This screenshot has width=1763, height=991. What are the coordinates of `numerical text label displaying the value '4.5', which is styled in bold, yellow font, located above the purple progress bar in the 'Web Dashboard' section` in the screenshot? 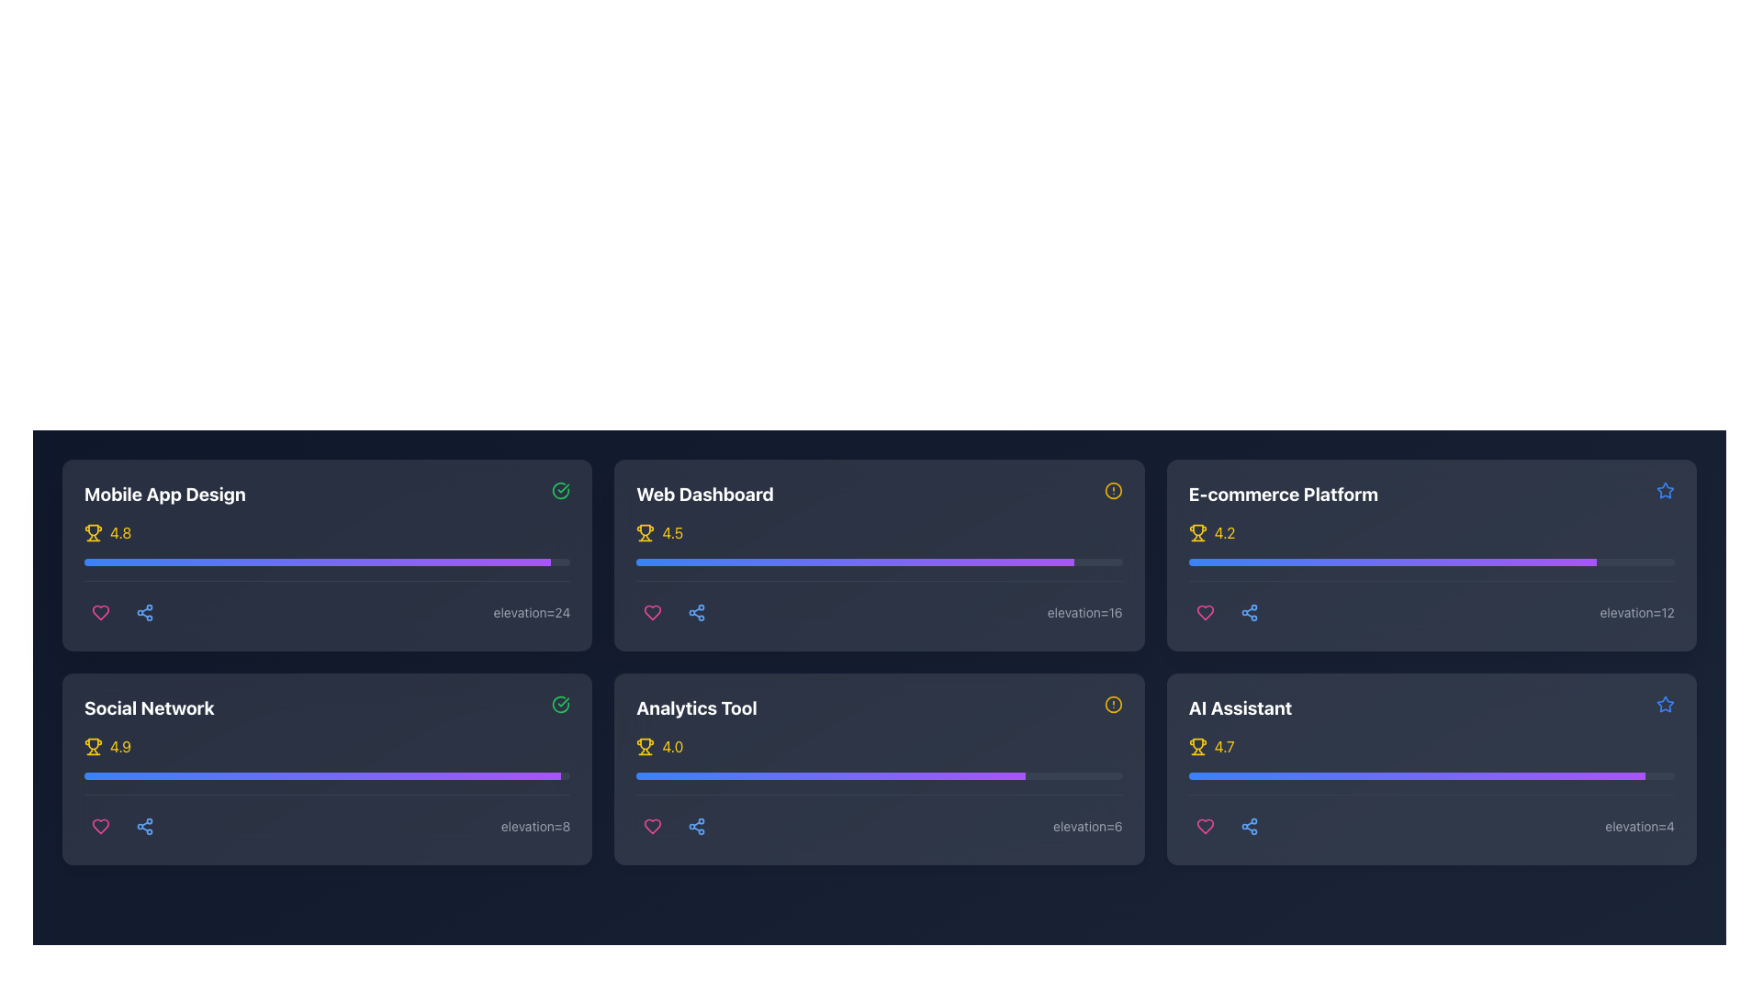 It's located at (671, 533).